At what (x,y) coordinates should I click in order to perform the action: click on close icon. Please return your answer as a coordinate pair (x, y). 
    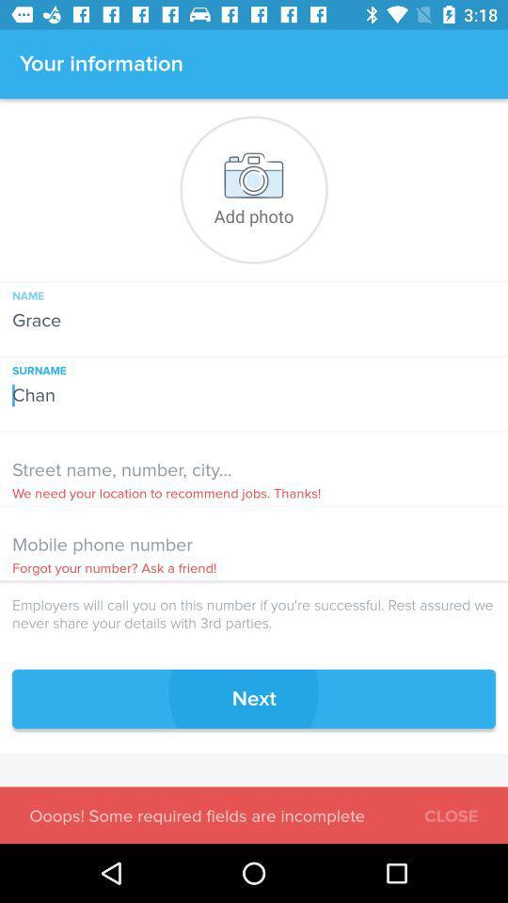
    Looking at the image, I should click on (450, 813).